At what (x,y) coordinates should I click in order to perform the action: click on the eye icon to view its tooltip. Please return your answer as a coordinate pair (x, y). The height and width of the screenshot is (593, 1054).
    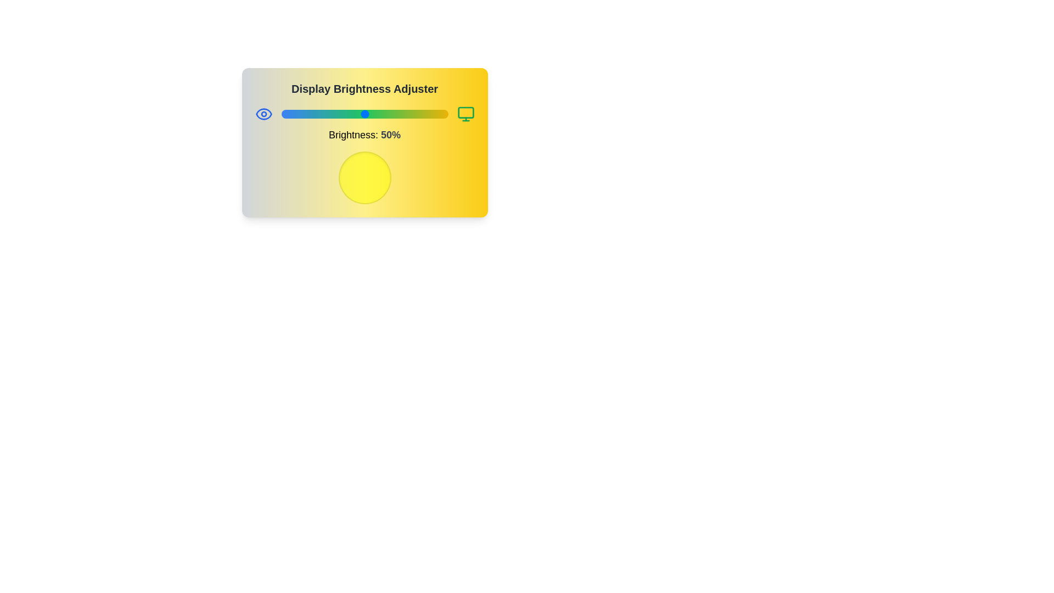
    Looking at the image, I should click on (263, 114).